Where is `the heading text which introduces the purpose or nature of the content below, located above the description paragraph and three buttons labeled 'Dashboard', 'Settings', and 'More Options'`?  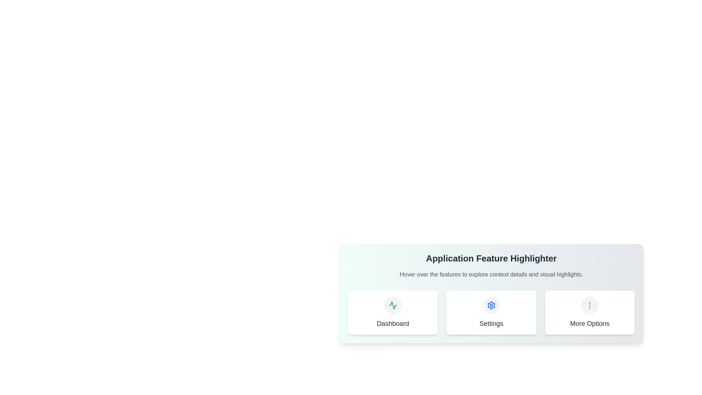 the heading text which introduces the purpose or nature of the content below, located above the description paragraph and three buttons labeled 'Dashboard', 'Settings', and 'More Options' is located at coordinates (491, 258).